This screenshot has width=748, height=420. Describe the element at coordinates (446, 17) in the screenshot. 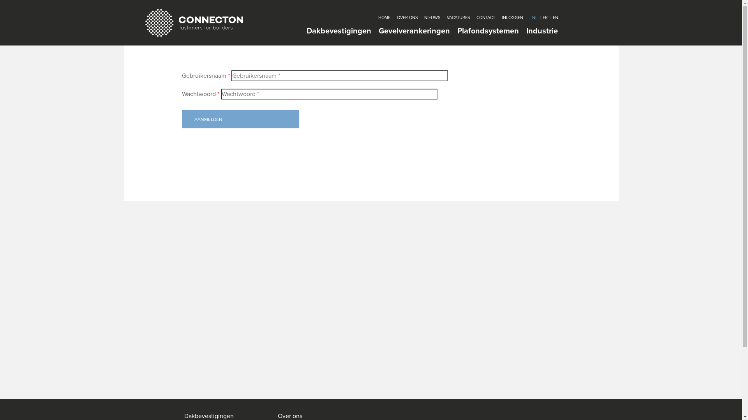

I see `'VACATURES'` at that location.